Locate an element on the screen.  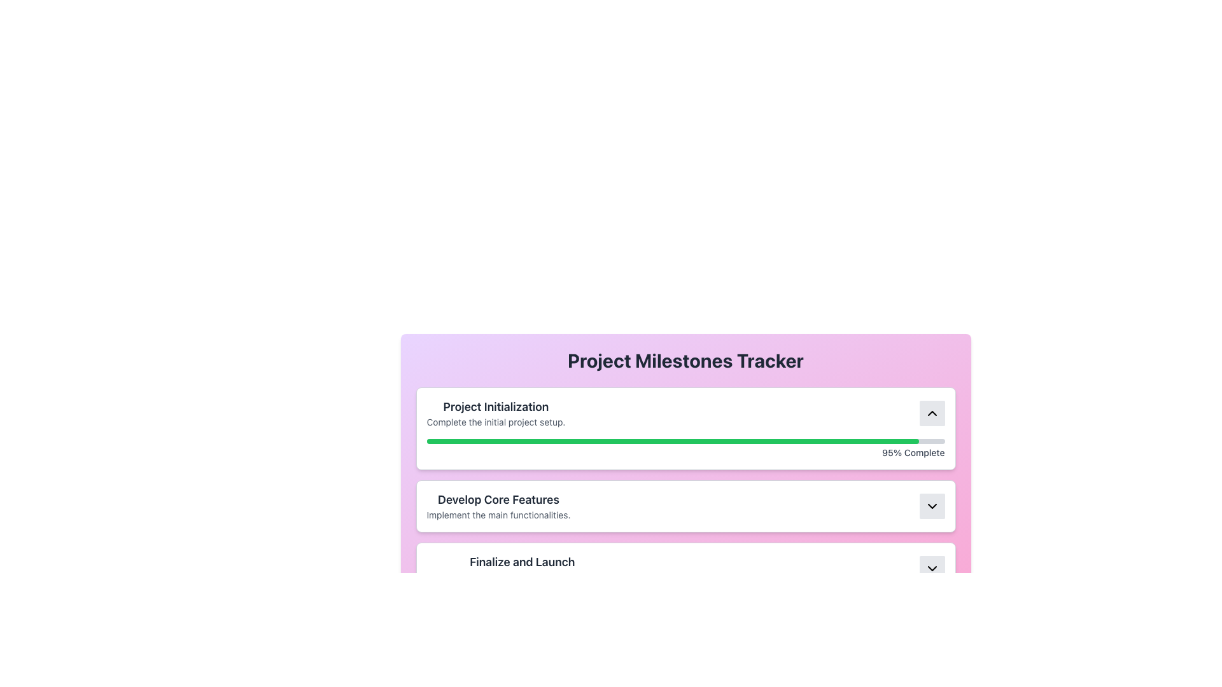
title 'Project Initialization' from the Text Display at the top of the 'Project Milestones Tracker' list is located at coordinates (495, 413).